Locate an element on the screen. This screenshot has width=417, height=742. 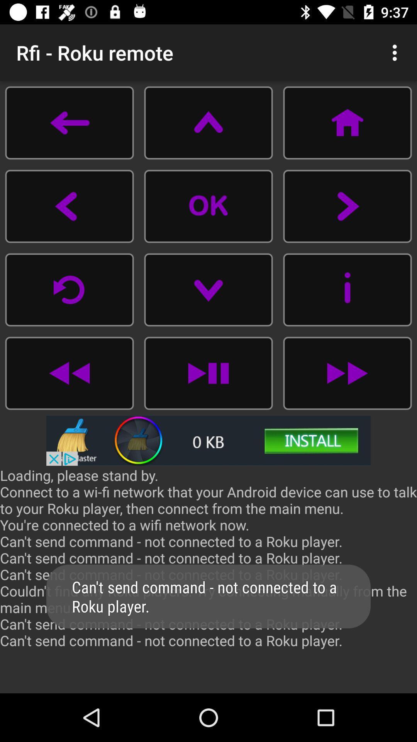
previous is located at coordinates (69, 289).